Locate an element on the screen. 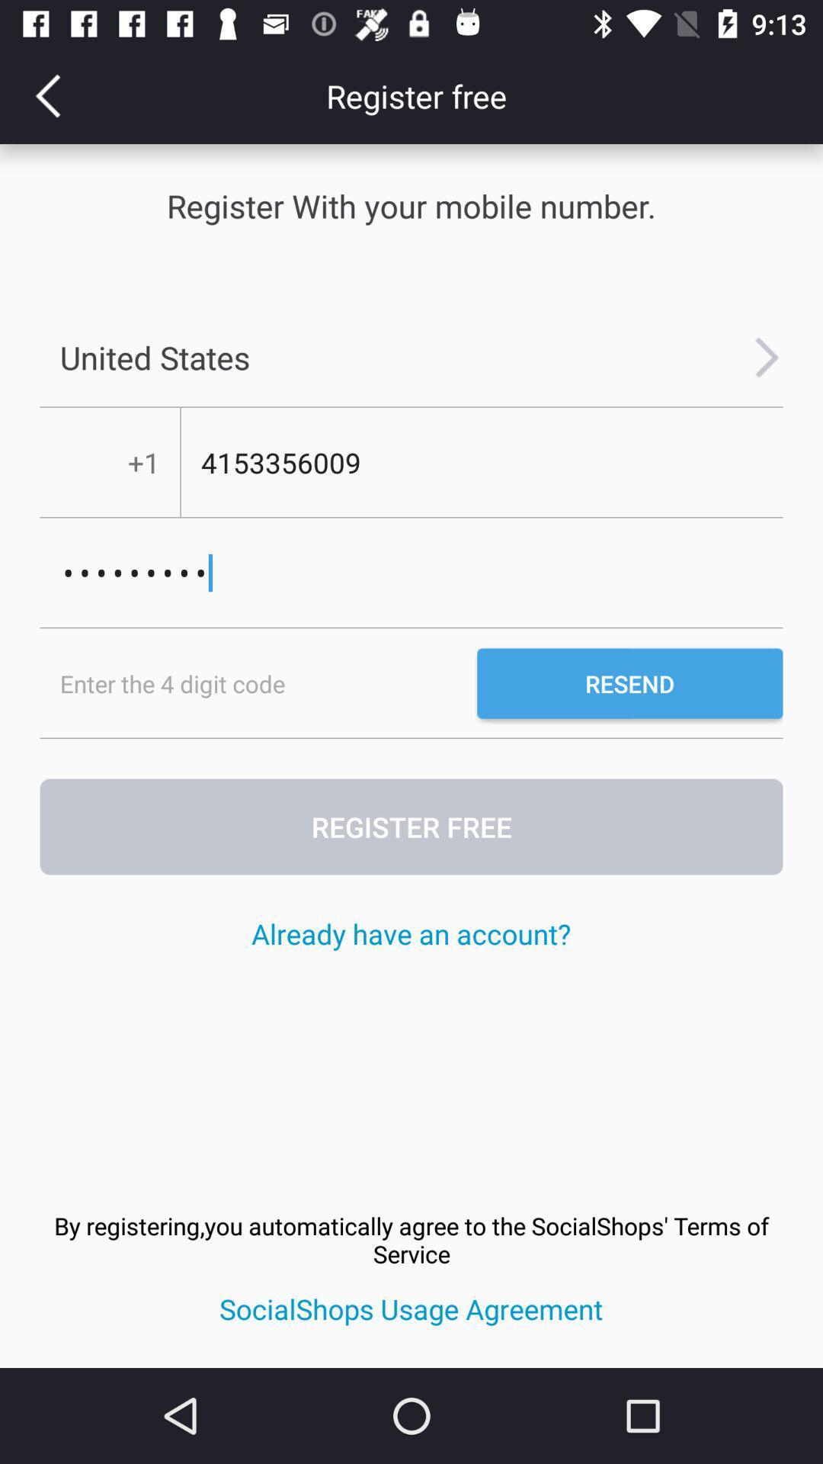  item on the right is located at coordinates (629, 682).